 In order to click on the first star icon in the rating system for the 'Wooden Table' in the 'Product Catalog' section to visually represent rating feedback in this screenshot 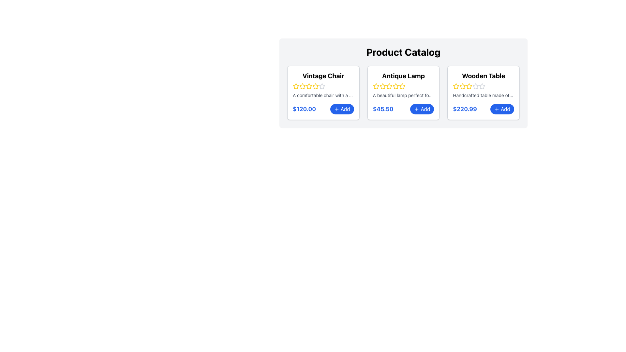, I will do `click(456, 86)`.